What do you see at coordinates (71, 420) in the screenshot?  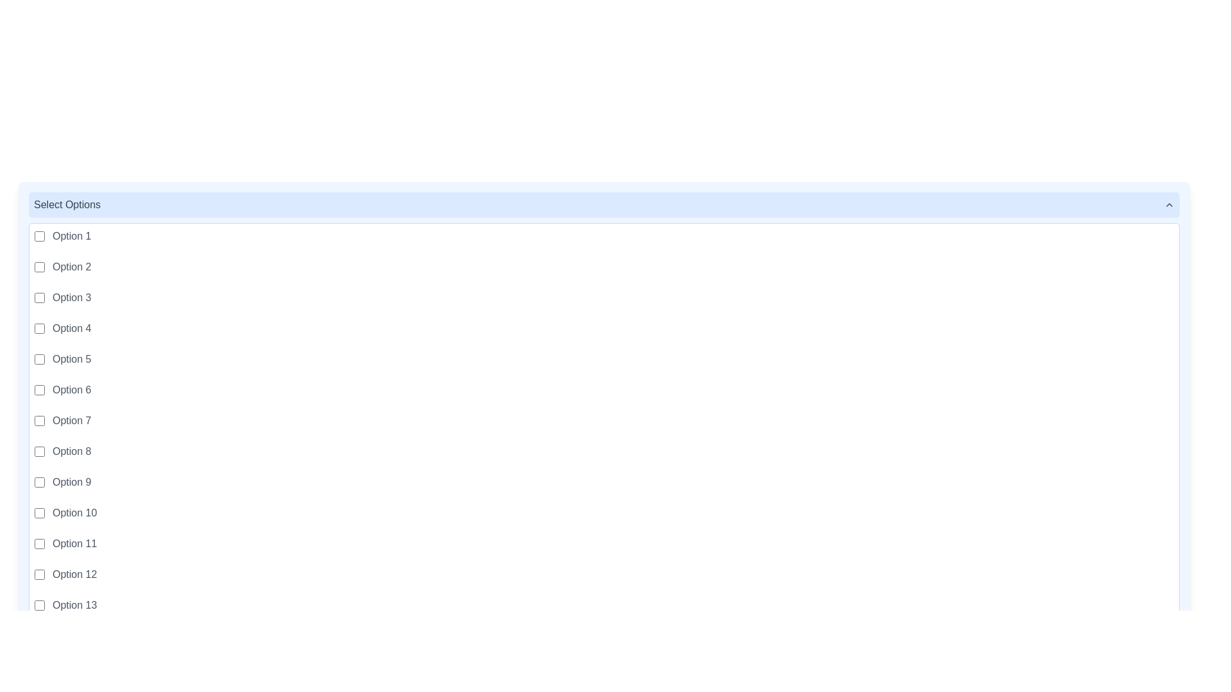 I see `the 'Option 7' text label, which is displayed in a lighter gray color and positioned to the right of a small square checkbox as the seventh item in the vertical list of options` at bounding box center [71, 420].